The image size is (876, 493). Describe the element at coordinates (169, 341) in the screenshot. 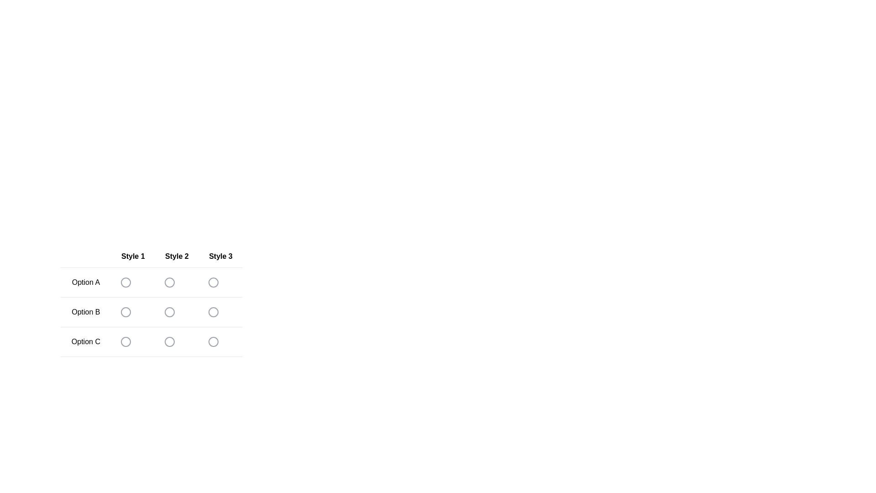

I see `the selected radio button in the third row under the second column labeled 'Style 2'` at that location.